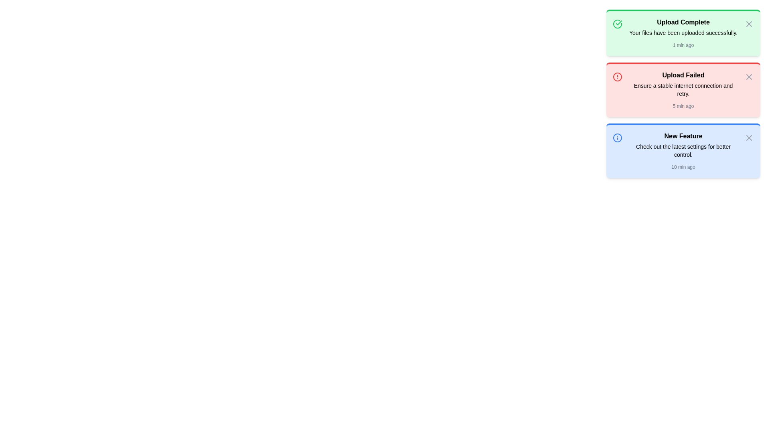 This screenshot has height=433, width=770. Describe the element at coordinates (618, 22) in the screenshot. I see `the success icon located within the topmost green notification card labeled 'Upload Complete', positioned to the left of the text` at that location.